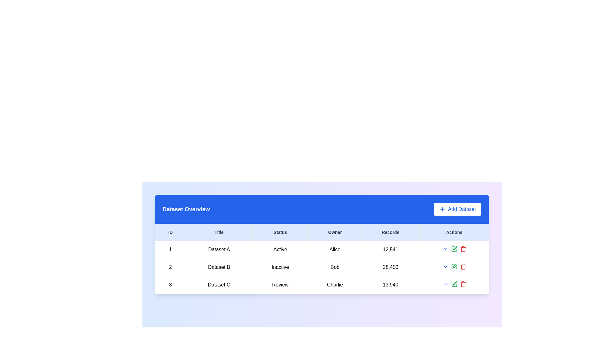 The width and height of the screenshot is (605, 340). Describe the element at coordinates (170, 267) in the screenshot. I see `the Text Label that identifies 'Dataset B' in the second row, first column of the 'Dataset Overview' table` at that location.